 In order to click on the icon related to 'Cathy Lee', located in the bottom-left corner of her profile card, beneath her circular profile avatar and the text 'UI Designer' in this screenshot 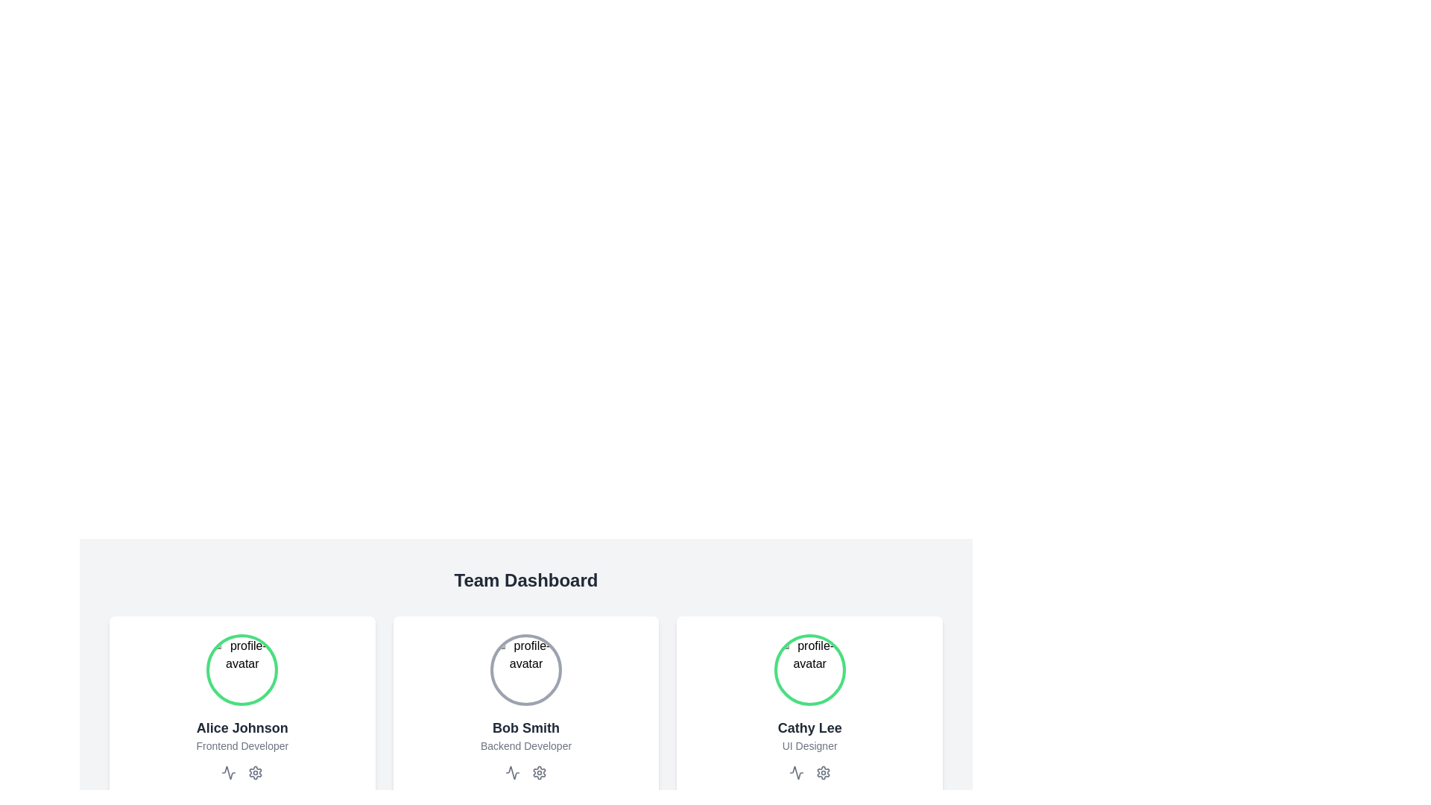, I will do `click(795, 772)`.